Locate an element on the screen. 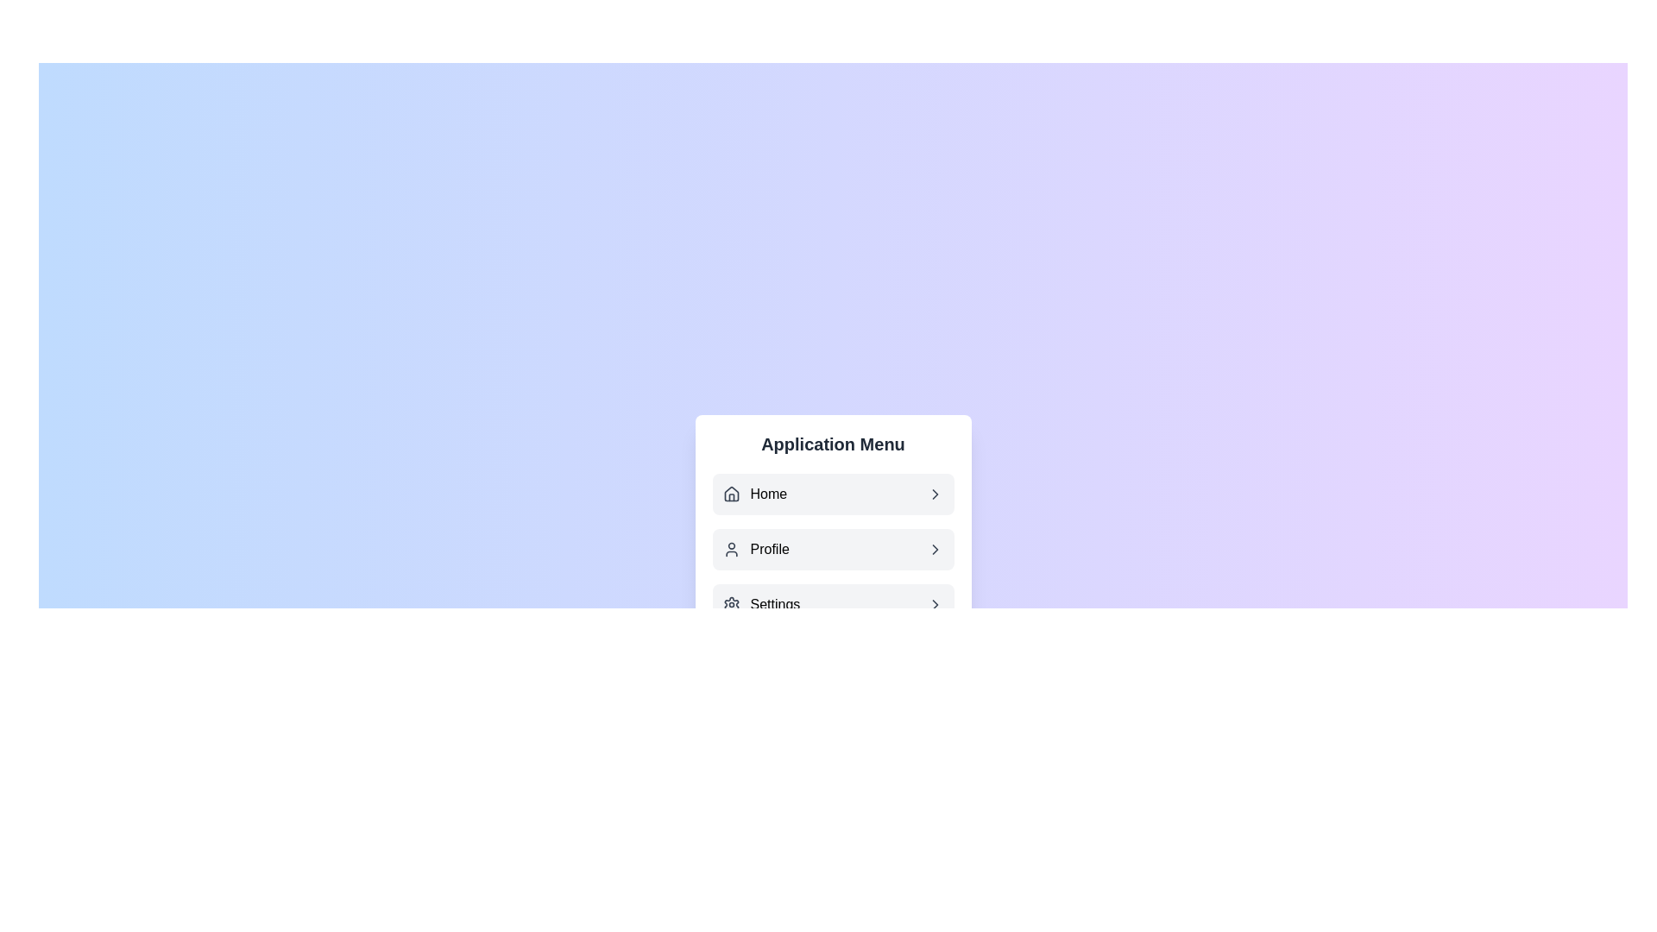  the Text label that indicates the function of accessing or modifying application settings, located in the third row of a vertically stacked menu list, below the 'Profile' menu item and preceded by a gear-shaped icon is located at coordinates (774, 604).